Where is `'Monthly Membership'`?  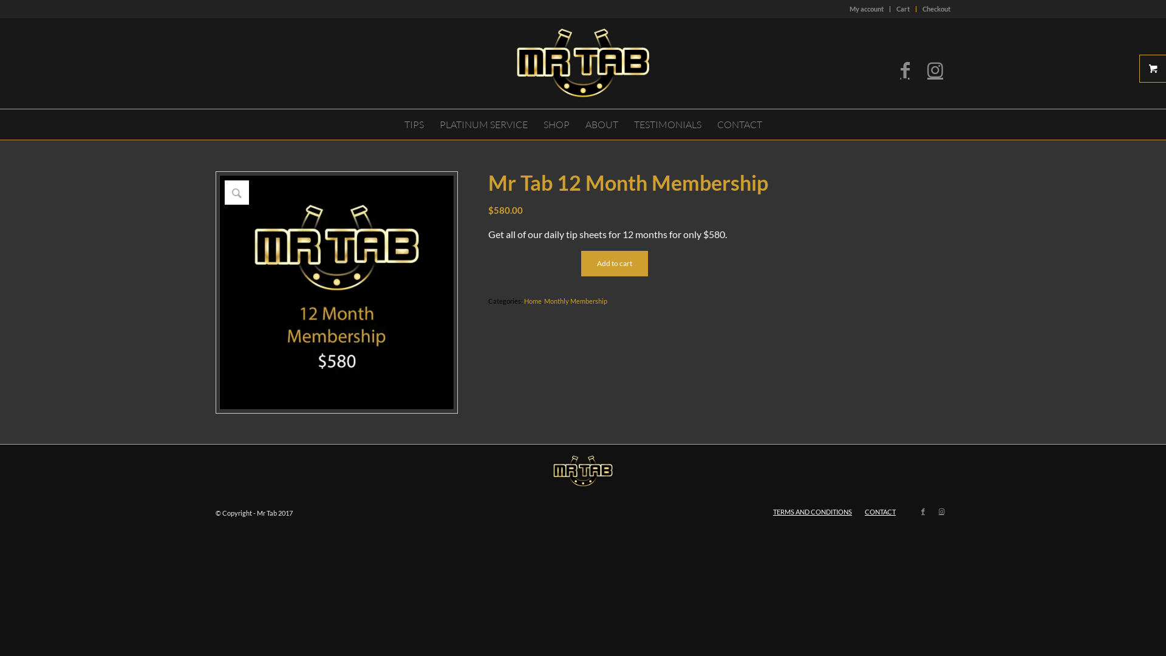
'Monthly Membership' is located at coordinates (575, 301).